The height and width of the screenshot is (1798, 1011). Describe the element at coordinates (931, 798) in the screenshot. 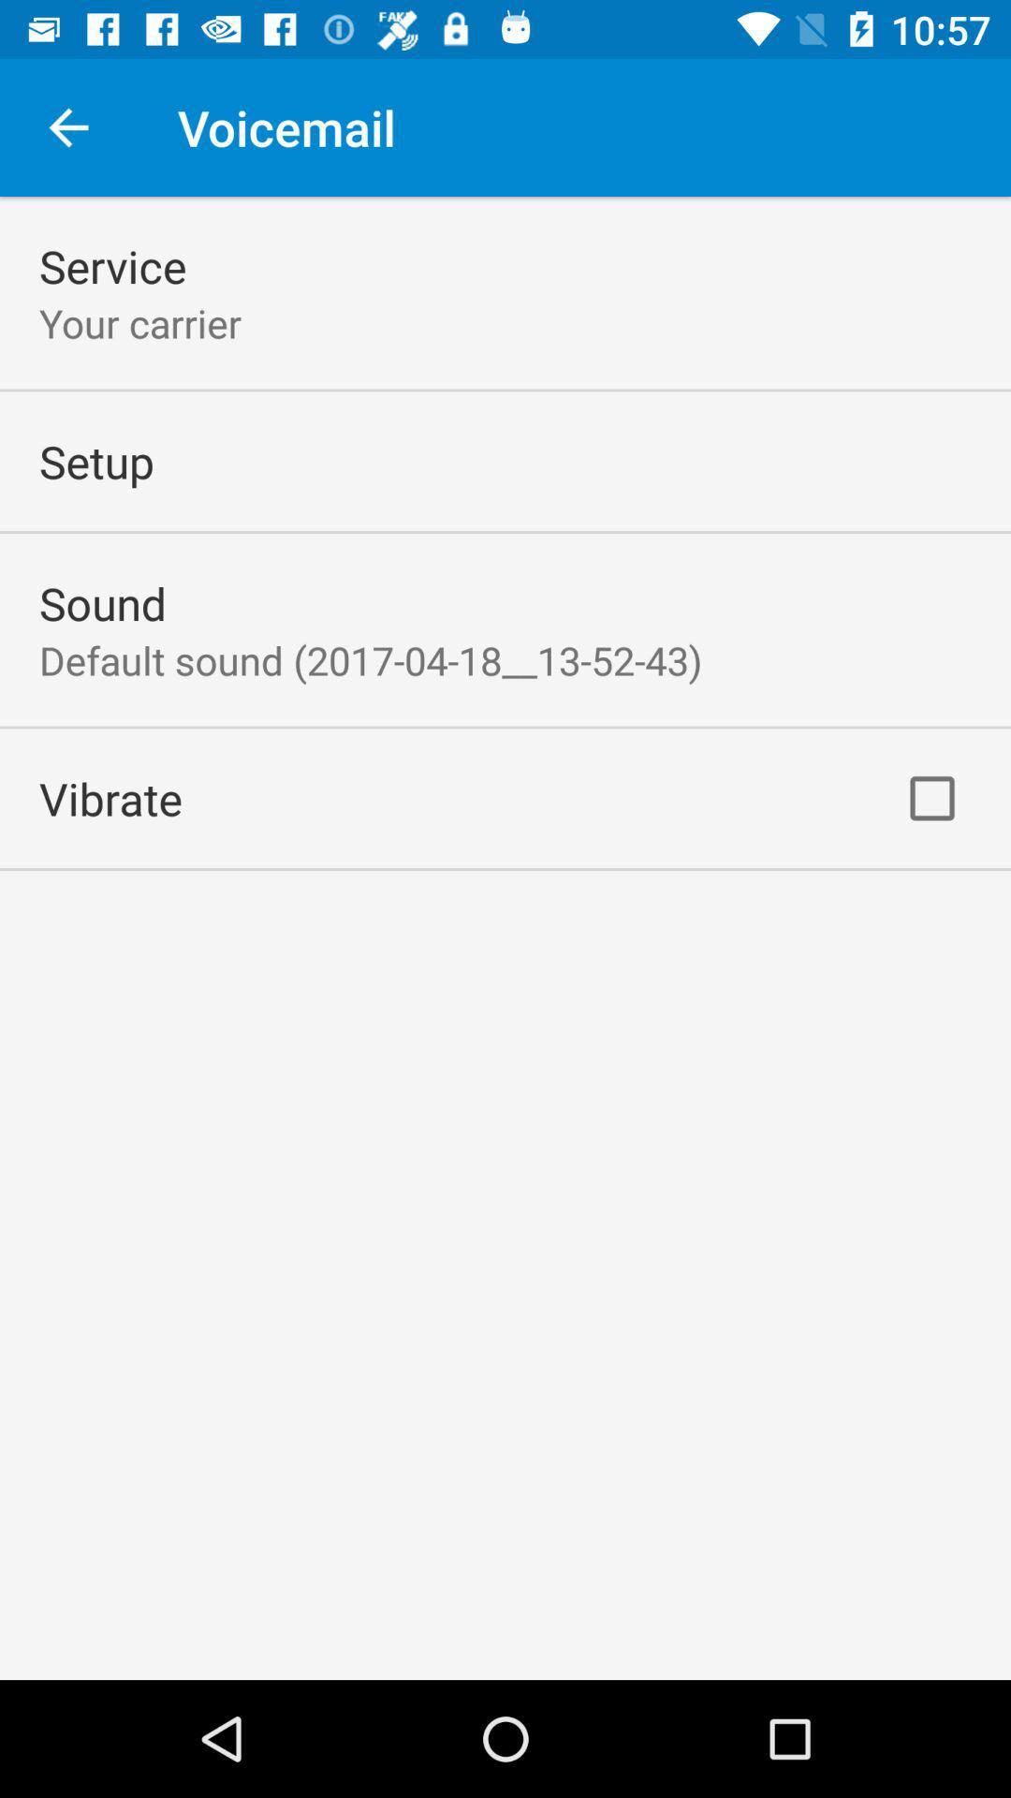

I see `the icon on the right` at that location.